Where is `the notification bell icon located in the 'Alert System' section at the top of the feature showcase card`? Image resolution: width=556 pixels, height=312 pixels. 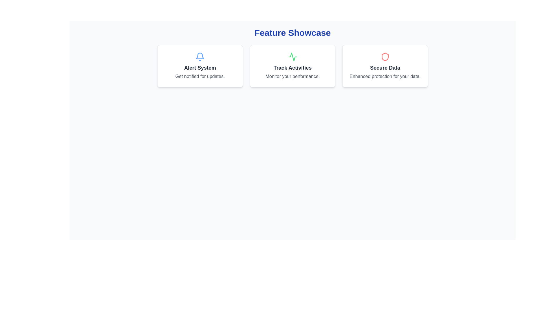 the notification bell icon located in the 'Alert System' section at the top of the feature showcase card is located at coordinates (200, 57).